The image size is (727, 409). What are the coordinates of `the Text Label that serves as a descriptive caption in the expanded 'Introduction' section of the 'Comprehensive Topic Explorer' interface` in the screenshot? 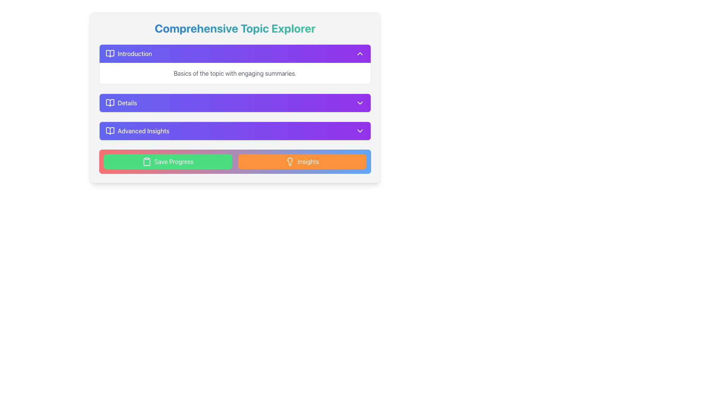 It's located at (234, 73).